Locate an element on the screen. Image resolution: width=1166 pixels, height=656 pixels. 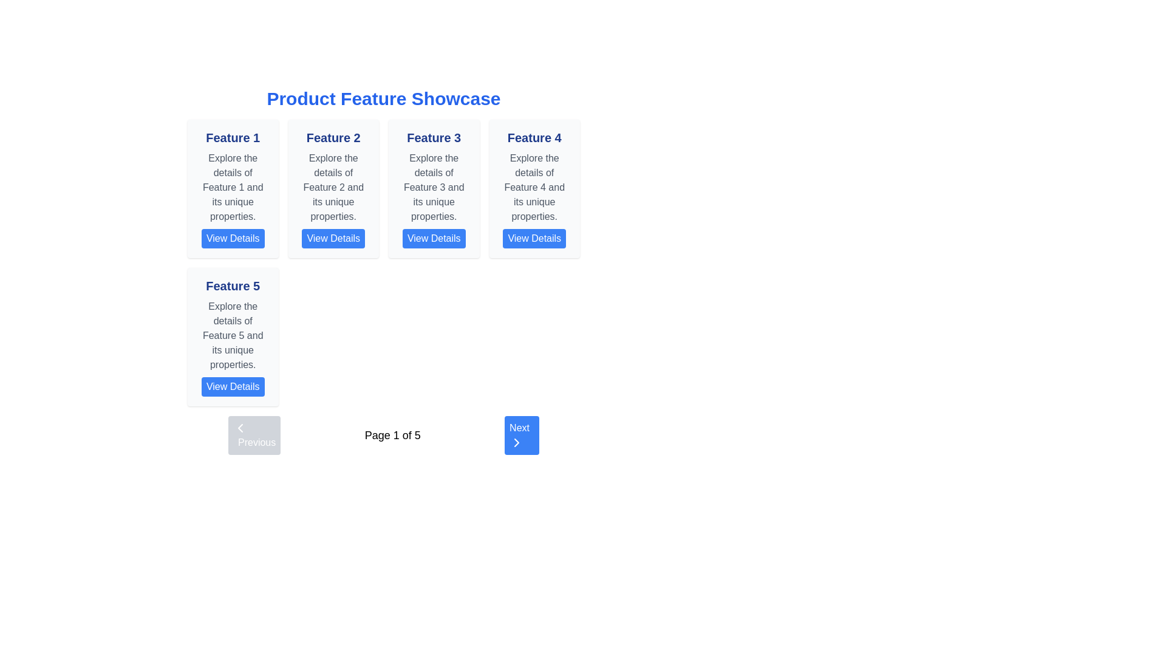
text displayed in the 'Feature 1' text label, which is a large, bold, blue font positioned at the top of the first feature card is located at coordinates (233, 137).